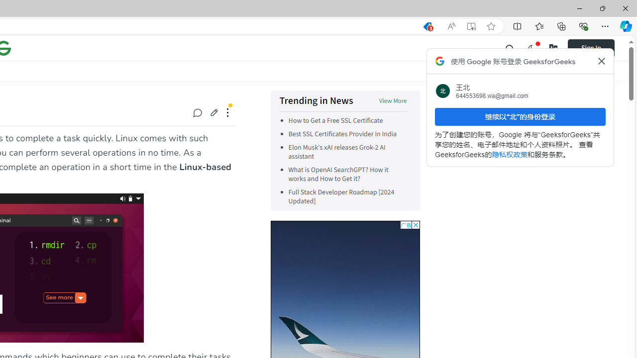 The height and width of the screenshot is (358, 637). What do you see at coordinates (597, 48) in the screenshot?
I see `'Sign In'` at bounding box center [597, 48].